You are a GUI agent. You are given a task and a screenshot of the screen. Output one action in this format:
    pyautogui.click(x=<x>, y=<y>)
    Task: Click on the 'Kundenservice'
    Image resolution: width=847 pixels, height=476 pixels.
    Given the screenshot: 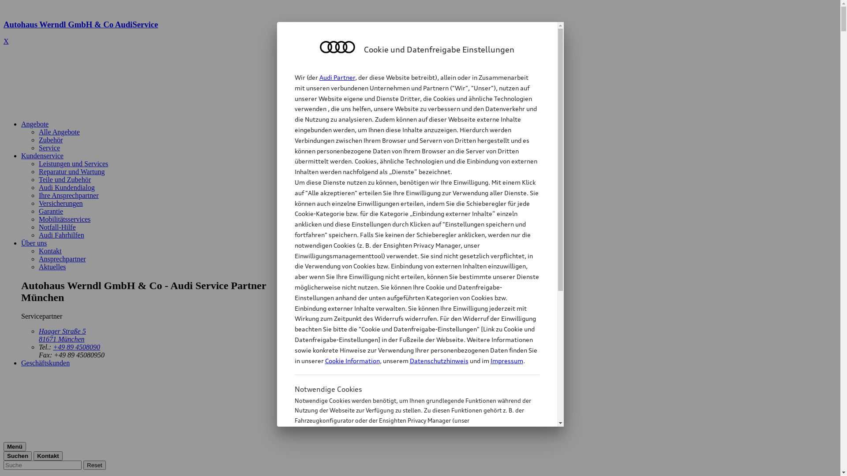 What is the action you would take?
    pyautogui.click(x=42, y=155)
    